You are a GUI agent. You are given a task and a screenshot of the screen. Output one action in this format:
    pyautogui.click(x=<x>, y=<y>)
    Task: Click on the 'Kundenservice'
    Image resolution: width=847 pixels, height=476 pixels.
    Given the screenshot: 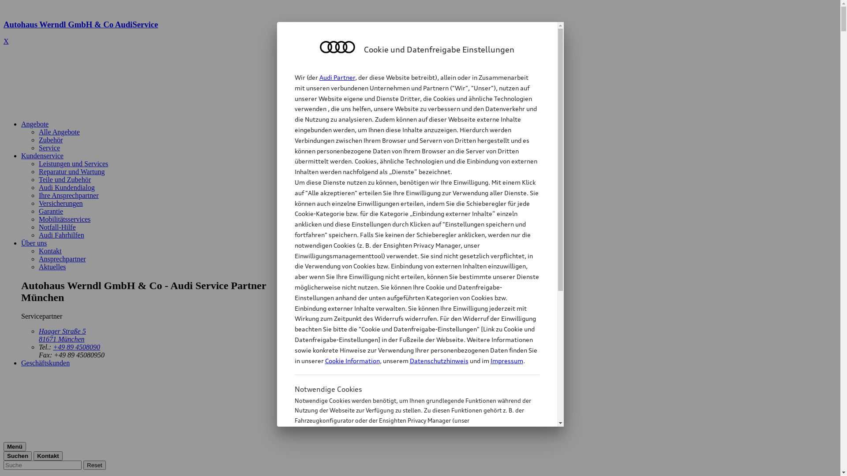 What is the action you would take?
    pyautogui.click(x=42, y=155)
    